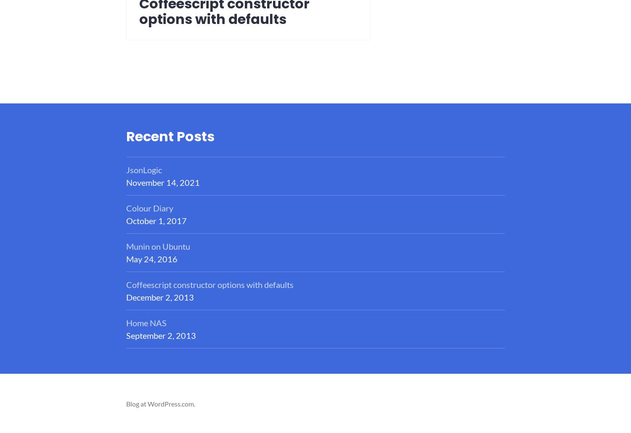 This screenshot has width=631, height=433. Describe the element at coordinates (170, 135) in the screenshot. I see `'Recent Posts'` at that location.